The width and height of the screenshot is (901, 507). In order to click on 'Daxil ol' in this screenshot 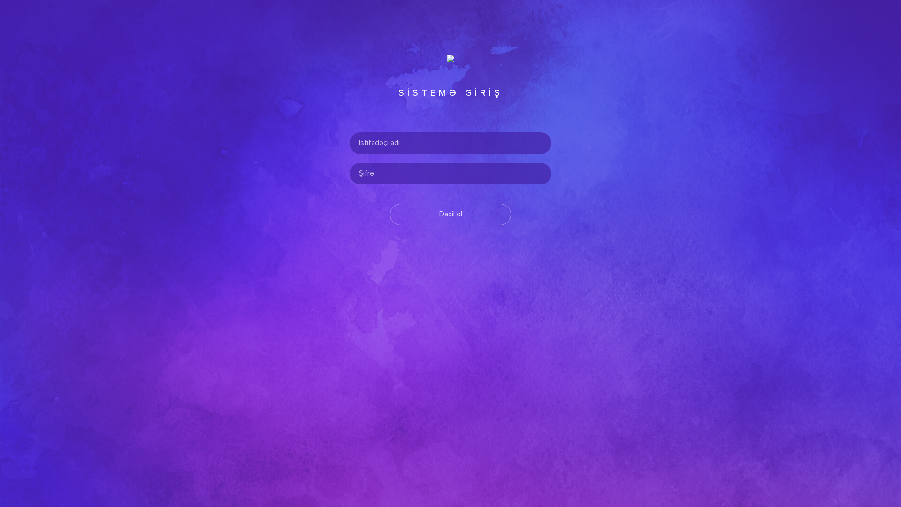, I will do `click(450, 214)`.